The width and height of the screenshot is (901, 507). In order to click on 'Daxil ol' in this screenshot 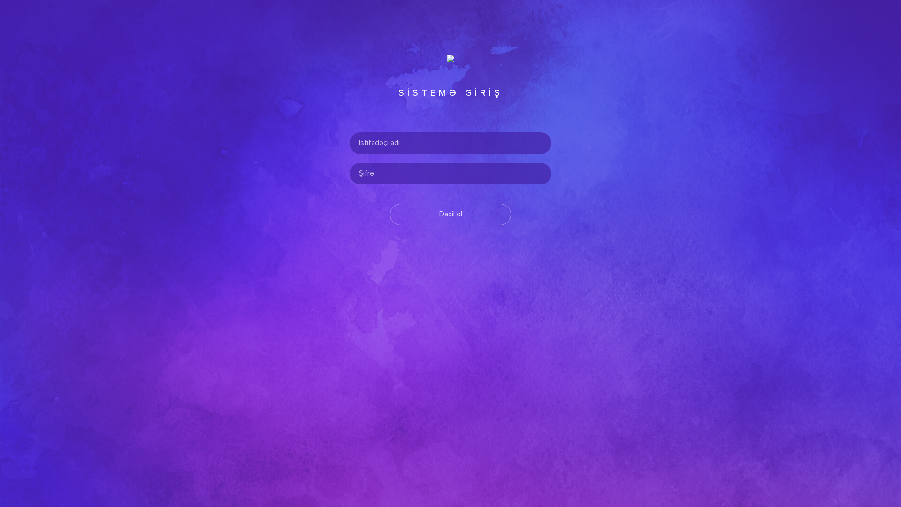, I will do `click(450, 214)`.